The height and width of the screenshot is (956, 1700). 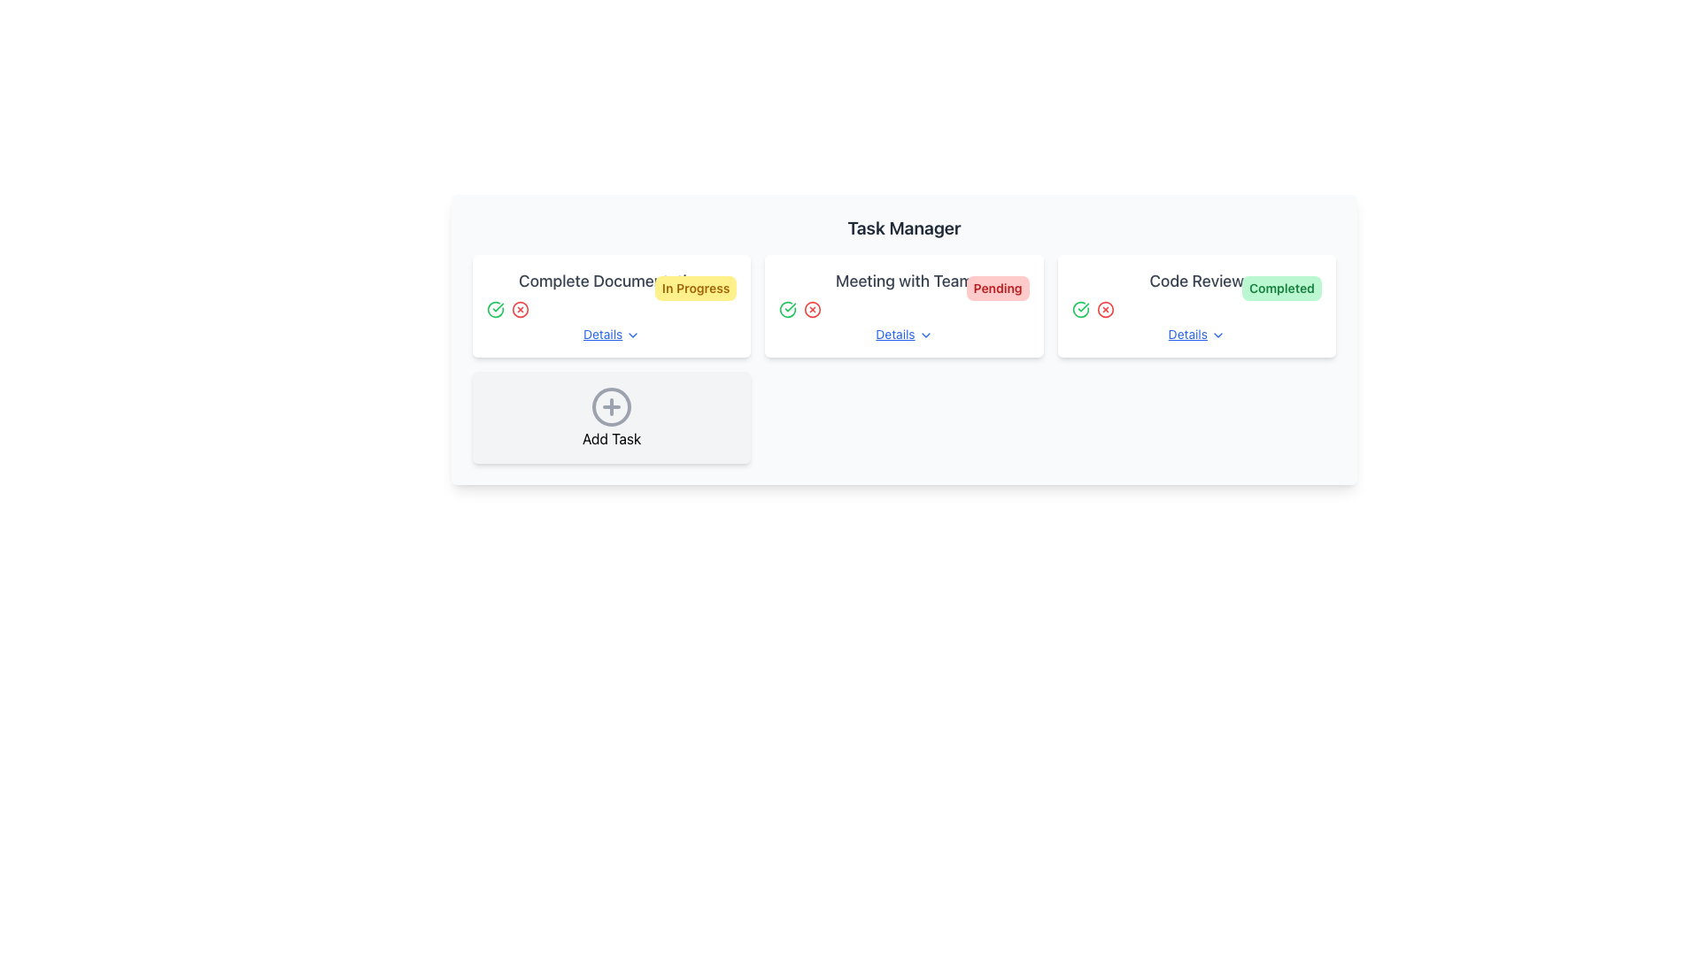 I want to click on the SVG circle button located at the bottom-left corner of the 'Add Task' card, so click(x=612, y=406).